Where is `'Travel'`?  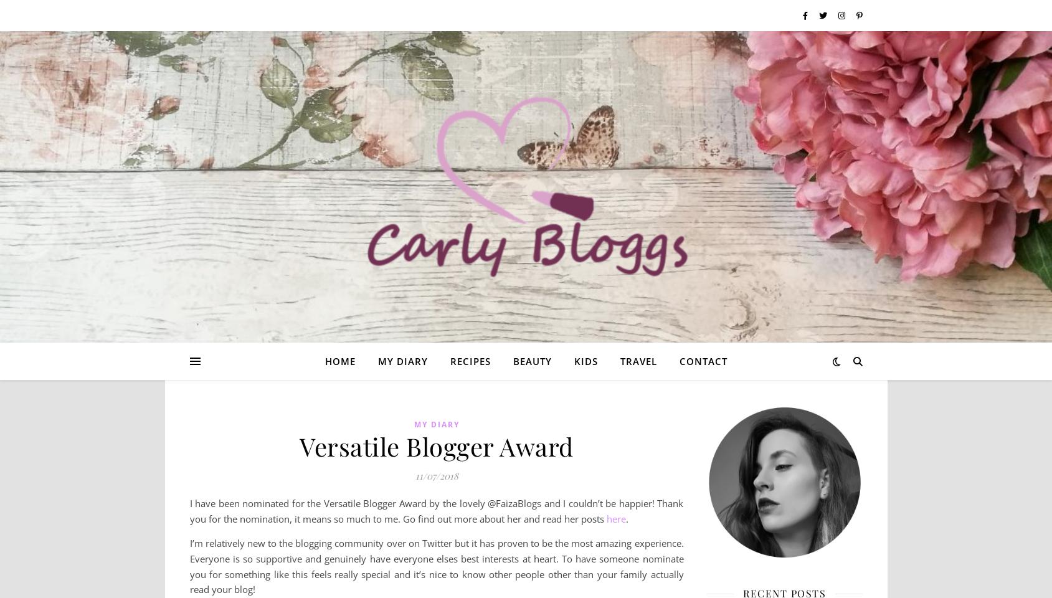 'Travel' is located at coordinates (618, 361).